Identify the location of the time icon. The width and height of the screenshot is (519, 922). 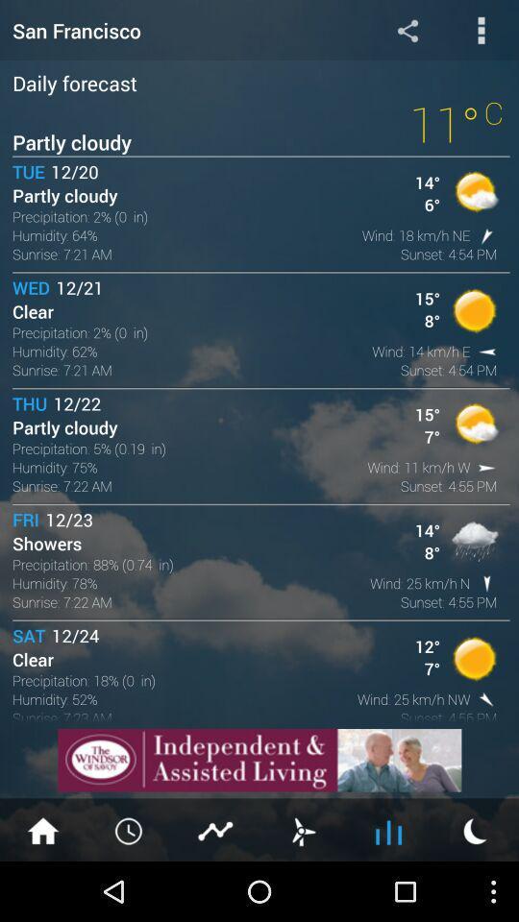
(130, 888).